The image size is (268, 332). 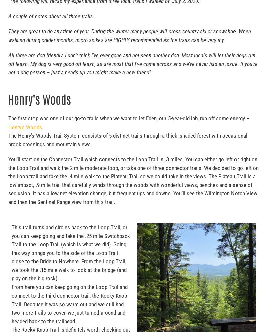 What do you see at coordinates (26, 127) in the screenshot?
I see `'Henry’s Woods.'` at bounding box center [26, 127].